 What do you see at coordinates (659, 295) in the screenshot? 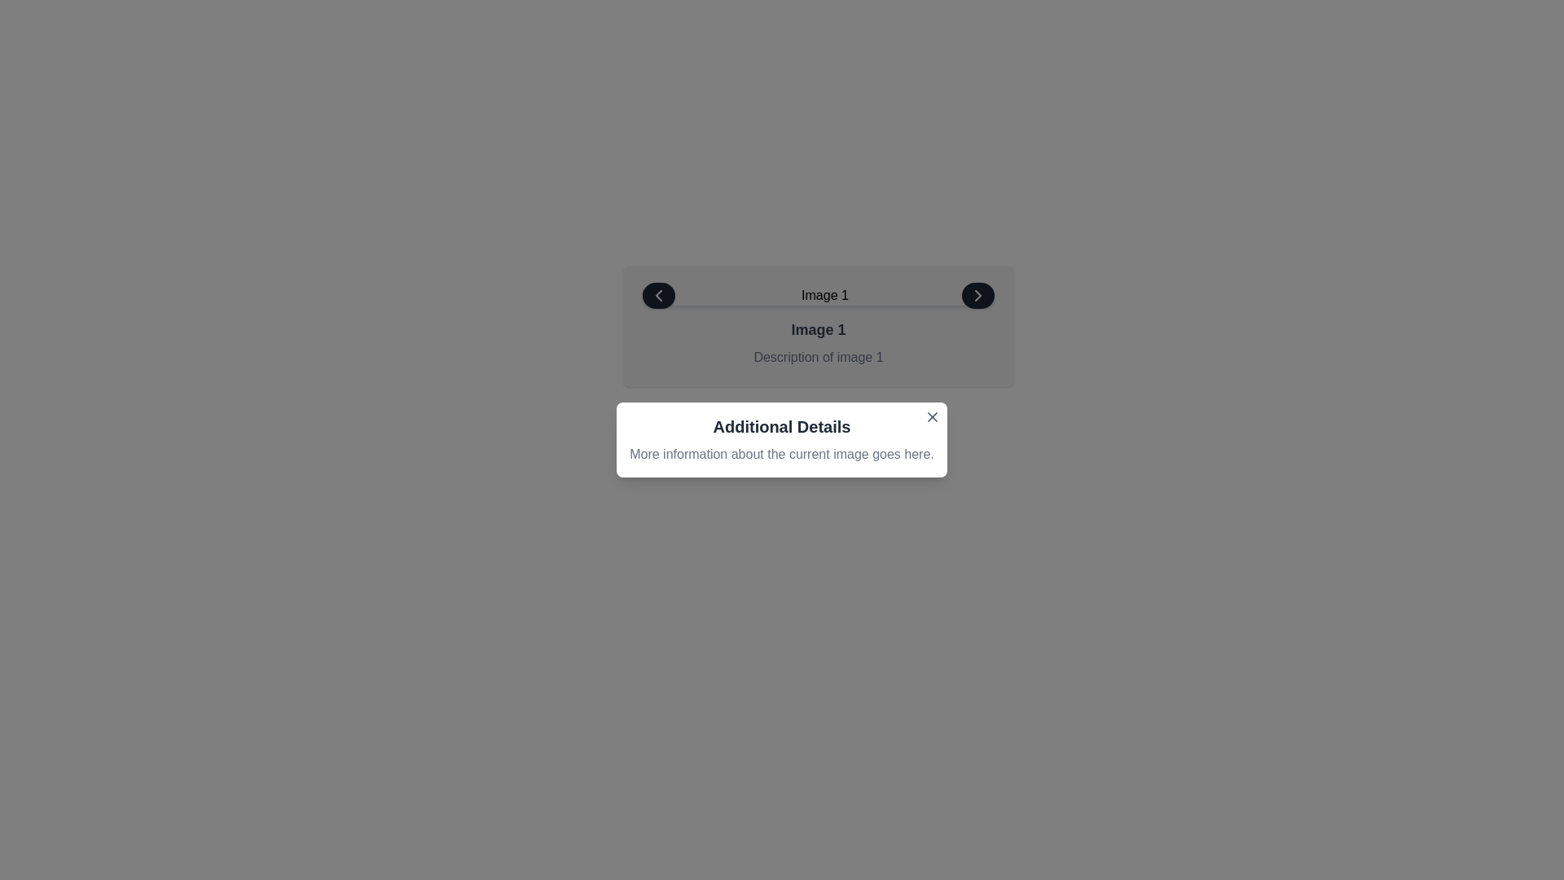
I see `the left chevron icon in the navigation panel at the top of the interface to potentially highlight or show tooltips` at bounding box center [659, 295].